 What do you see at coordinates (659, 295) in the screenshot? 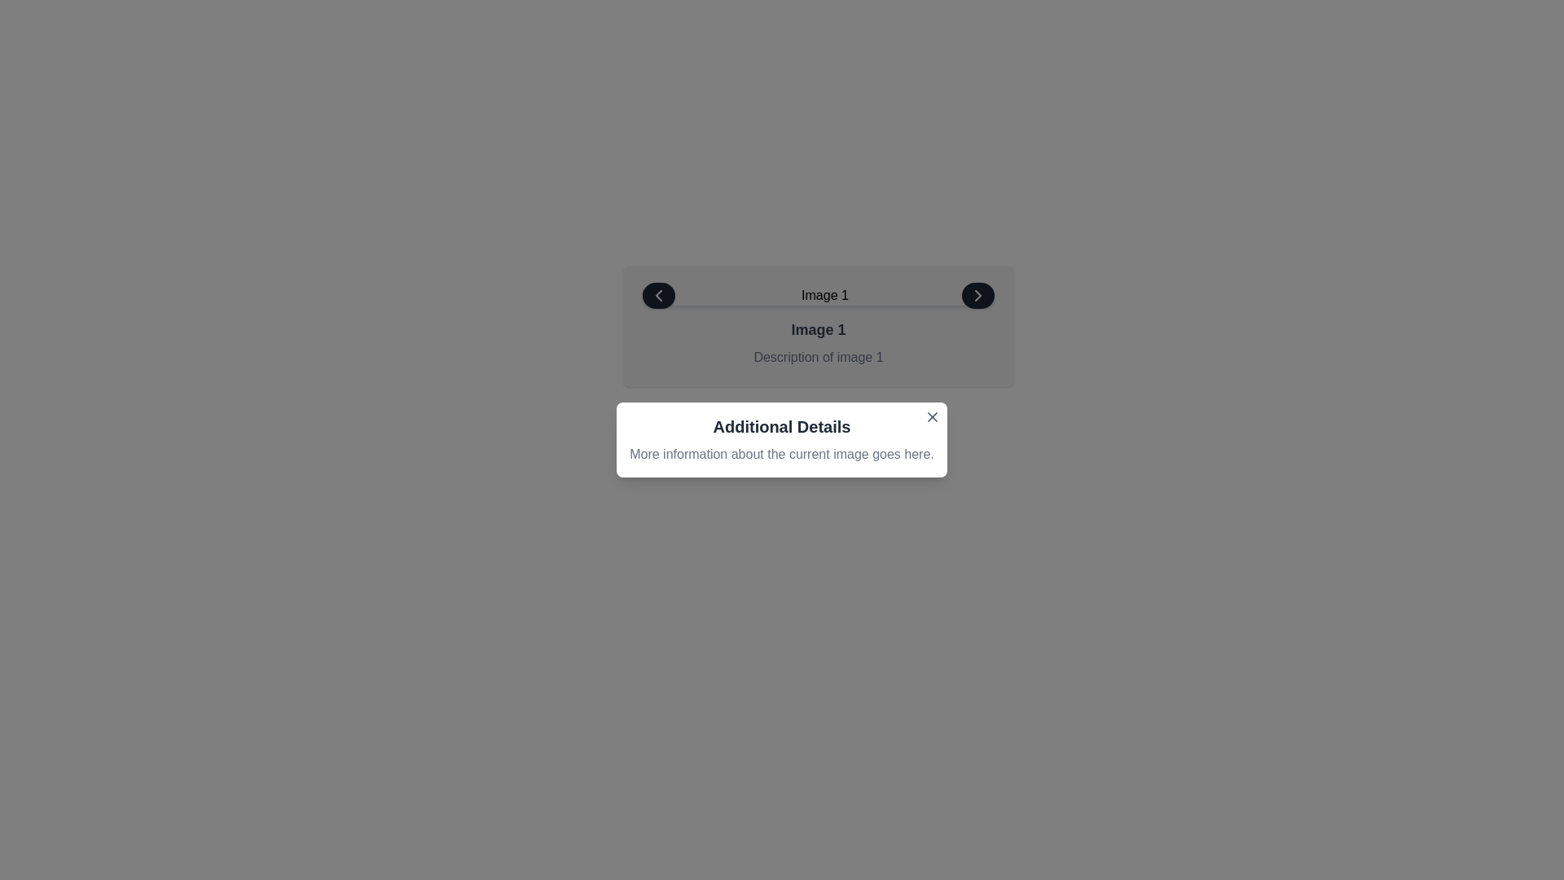
I see `the left chevron icon in the navigation panel at the top of the interface to potentially highlight or show tooltips` at bounding box center [659, 295].